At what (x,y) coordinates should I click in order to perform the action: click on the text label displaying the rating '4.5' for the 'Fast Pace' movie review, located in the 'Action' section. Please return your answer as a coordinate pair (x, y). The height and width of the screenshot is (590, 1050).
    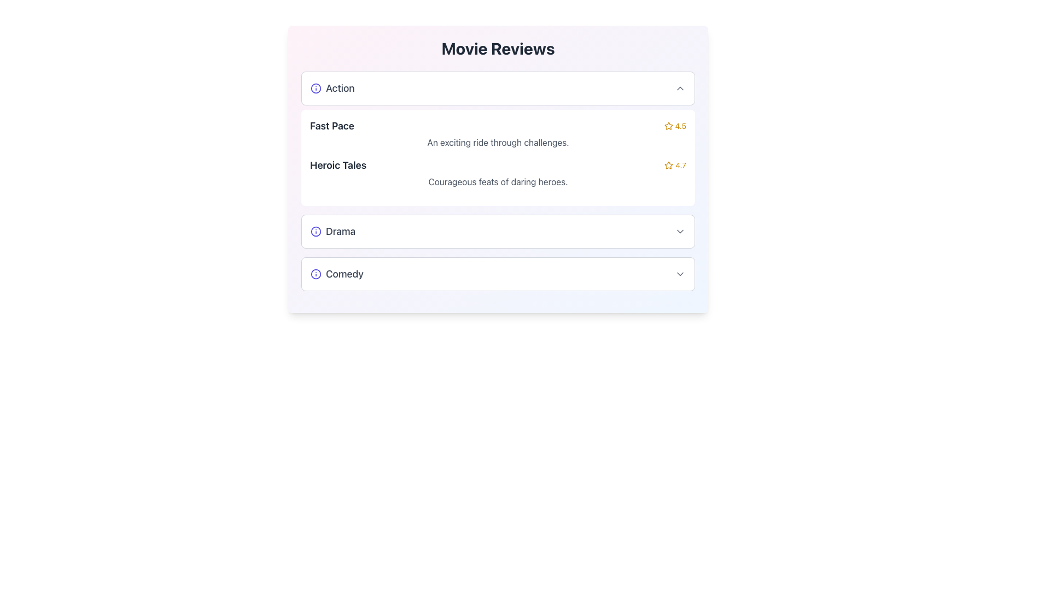
    Looking at the image, I should click on (674, 126).